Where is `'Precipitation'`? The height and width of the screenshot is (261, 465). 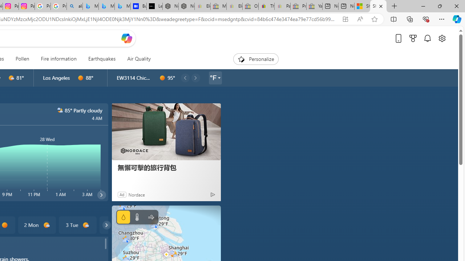
'Precipitation' is located at coordinates (123, 217).